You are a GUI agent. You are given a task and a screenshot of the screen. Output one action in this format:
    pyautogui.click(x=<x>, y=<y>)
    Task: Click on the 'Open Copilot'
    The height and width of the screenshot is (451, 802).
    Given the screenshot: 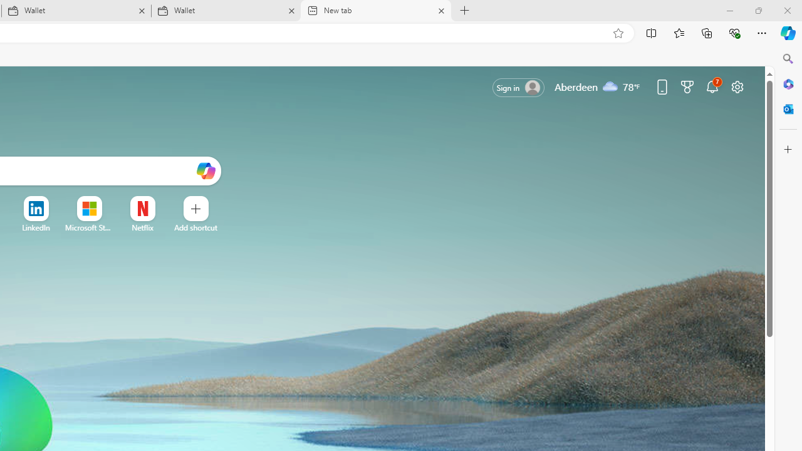 What is the action you would take?
    pyautogui.click(x=206, y=171)
    